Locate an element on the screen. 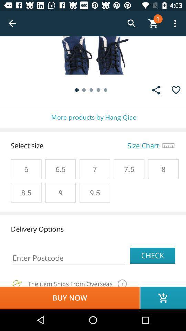 The image size is (186, 331). 6 on the left side of 65 is located at coordinates (26, 169).